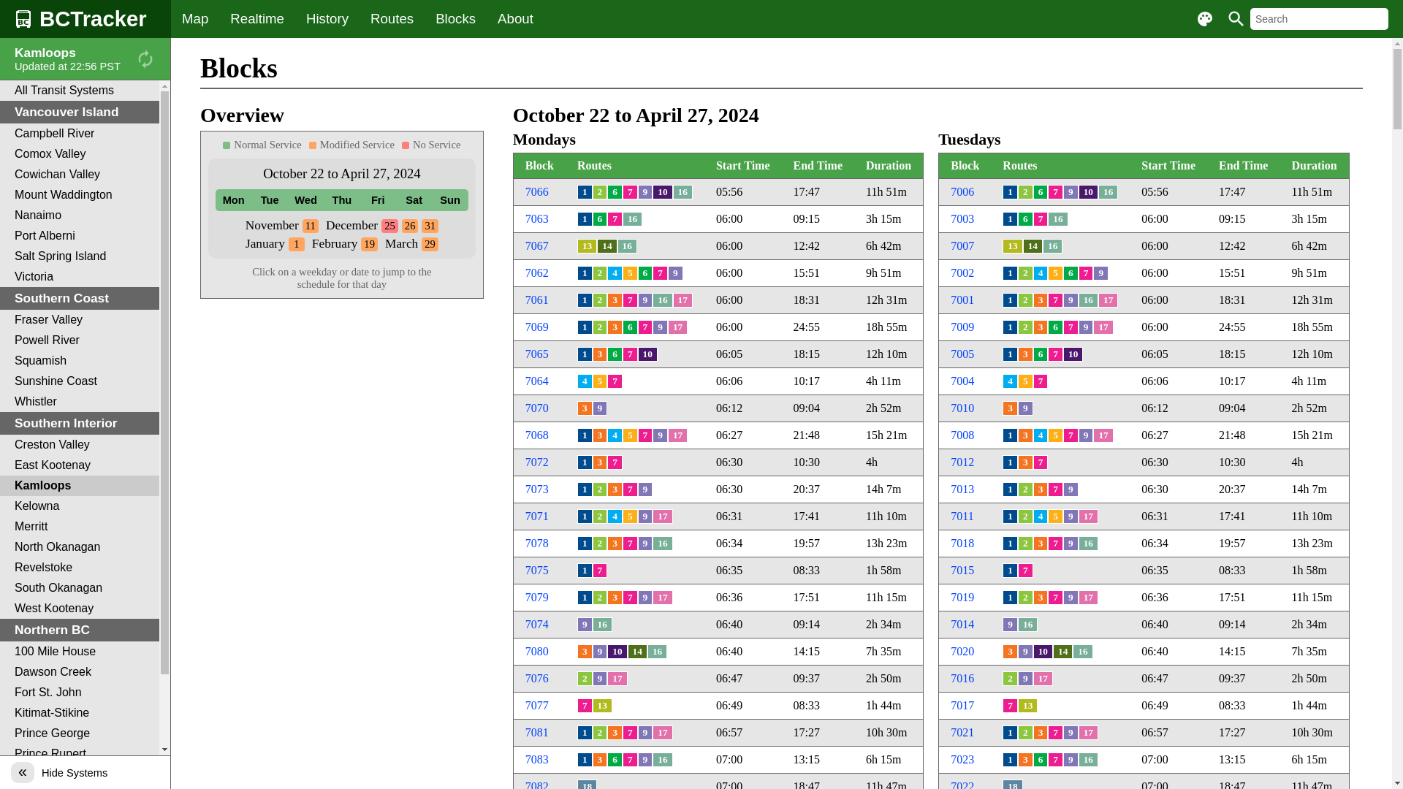  What do you see at coordinates (430, 199) in the screenshot?
I see `'Sun'` at bounding box center [430, 199].